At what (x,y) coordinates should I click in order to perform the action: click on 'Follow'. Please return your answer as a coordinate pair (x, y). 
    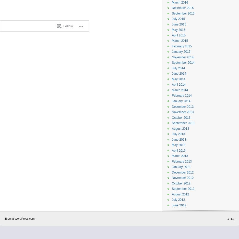
    Looking at the image, I should click on (63, 26).